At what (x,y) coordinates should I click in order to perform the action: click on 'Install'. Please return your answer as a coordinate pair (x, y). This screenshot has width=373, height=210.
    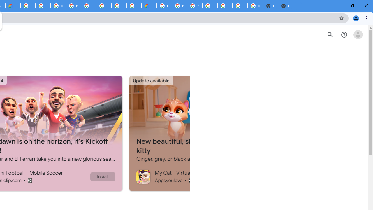
    Looking at the image, I should click on (103, 176).